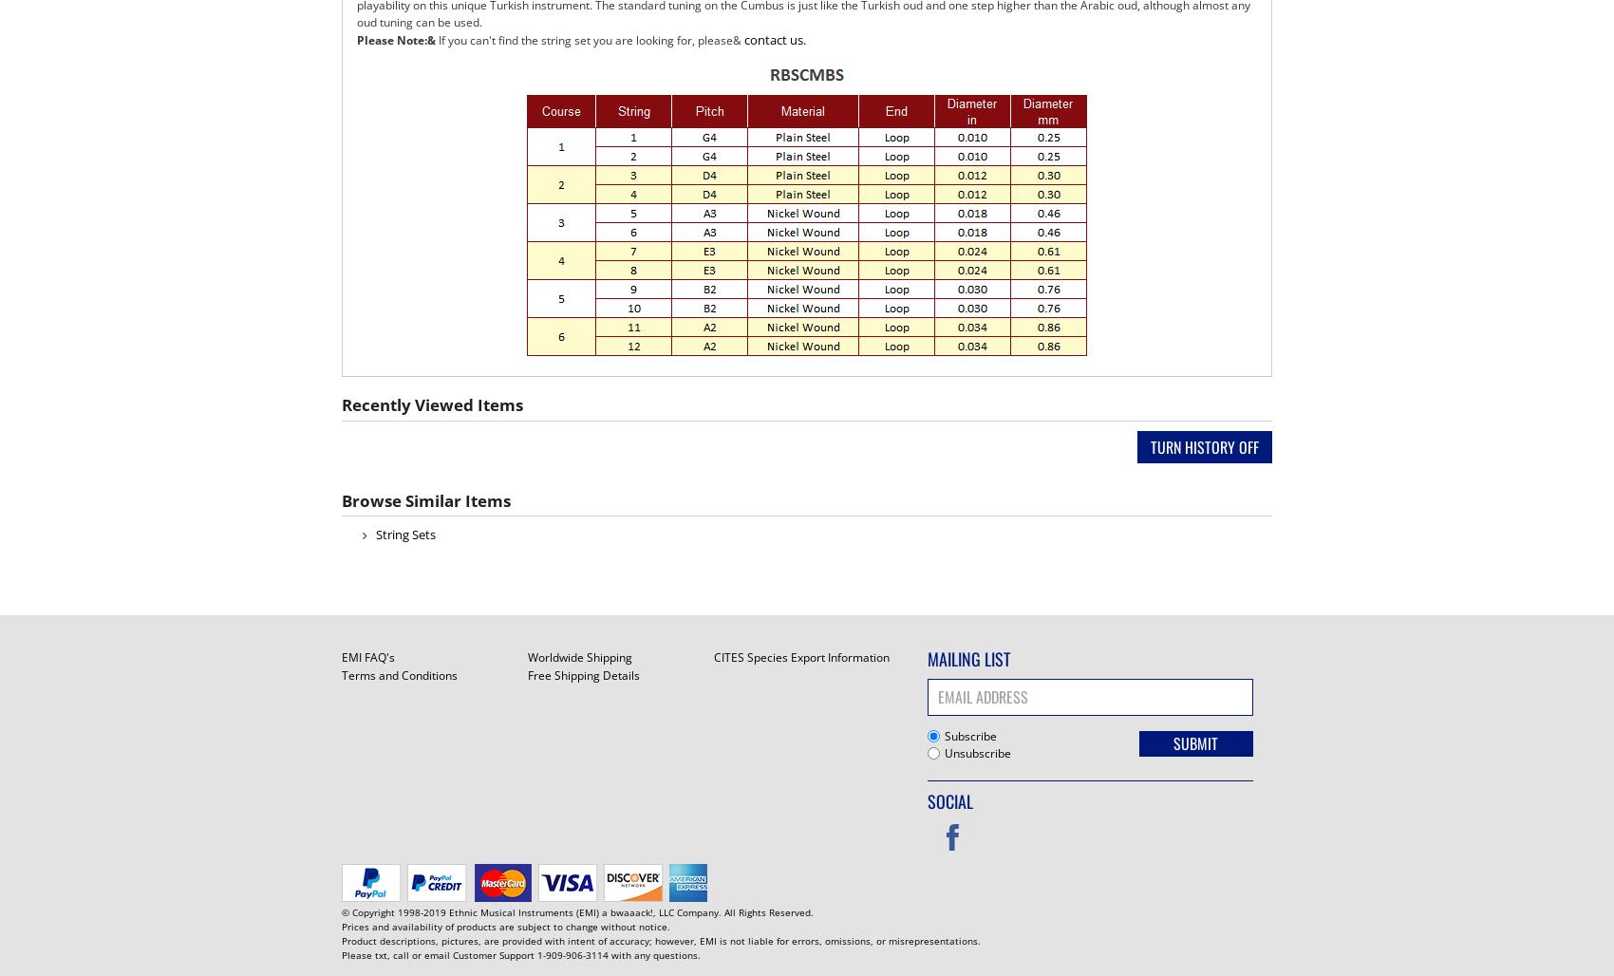 The width and height of the screenshot is (1614, 976). What do you see at coordinates (398, 674) in the screenshot?
I see `'Terms and Conditions'` at bounding box center [398, 674].